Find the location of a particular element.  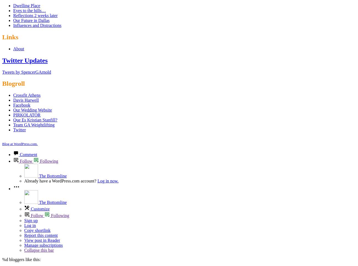

'Already have a WordPress.com account?' is located at coordinates (60, 181).